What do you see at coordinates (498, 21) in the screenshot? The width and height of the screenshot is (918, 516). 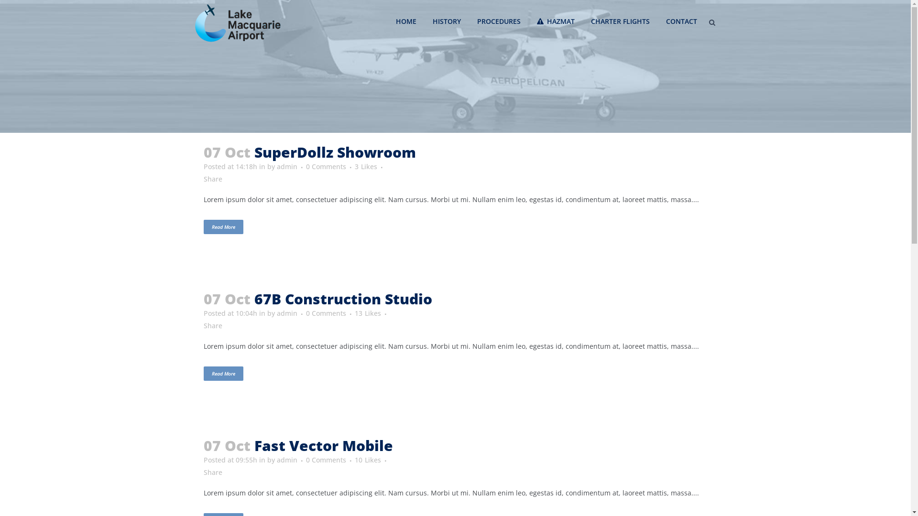 I see `'PROCEDURES'` at bounding box center [498, 21].